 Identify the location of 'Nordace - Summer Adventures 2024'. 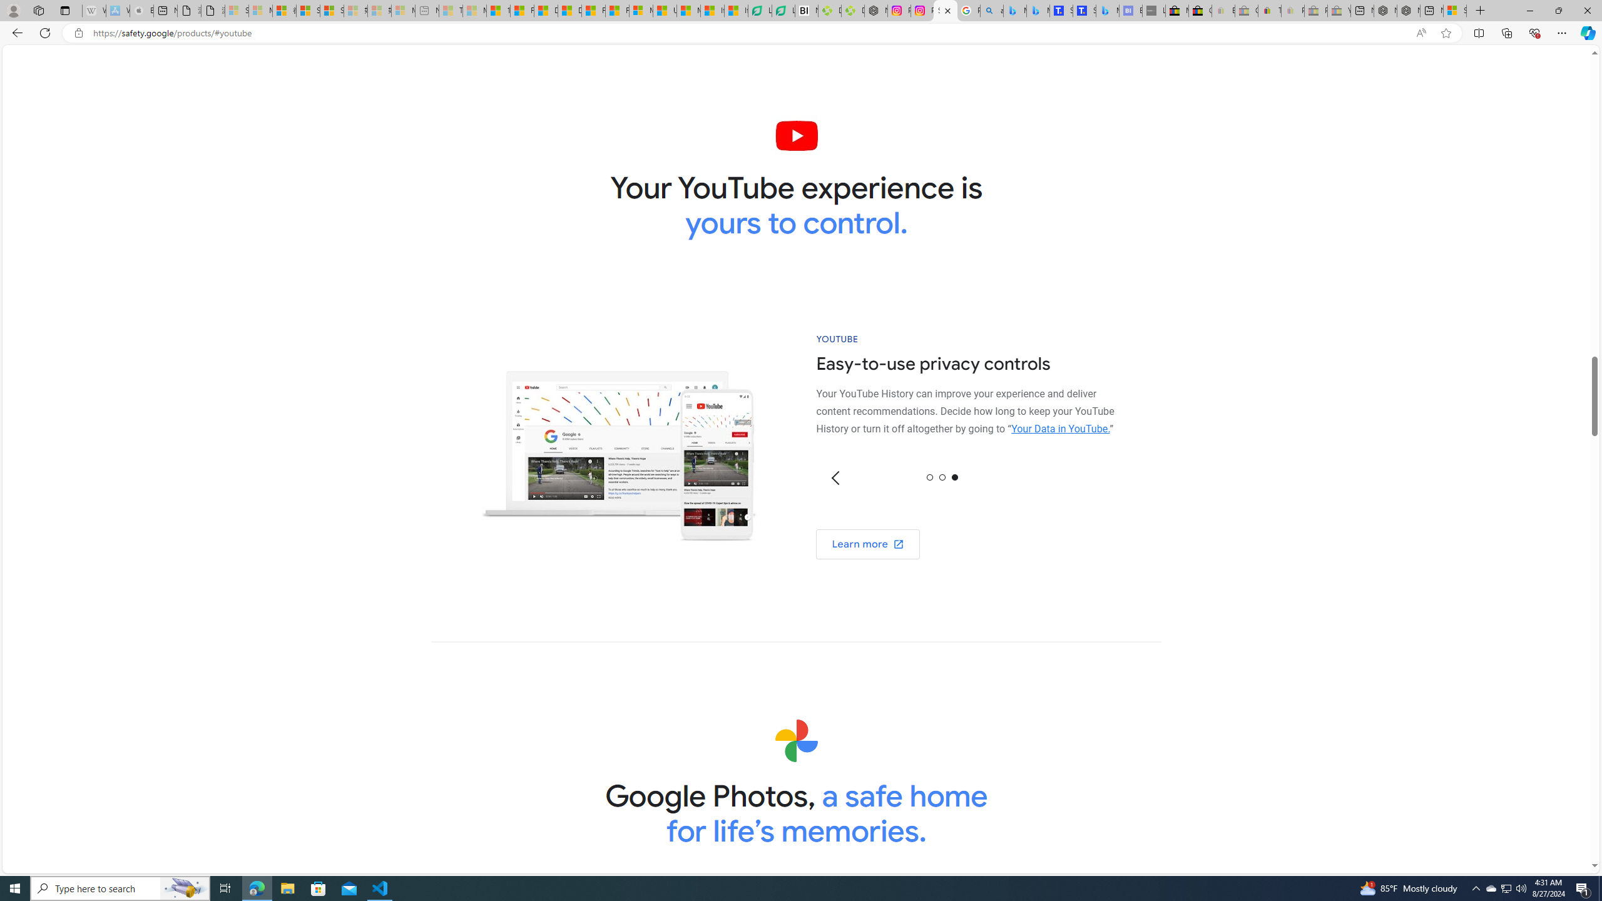
(1408, 10).